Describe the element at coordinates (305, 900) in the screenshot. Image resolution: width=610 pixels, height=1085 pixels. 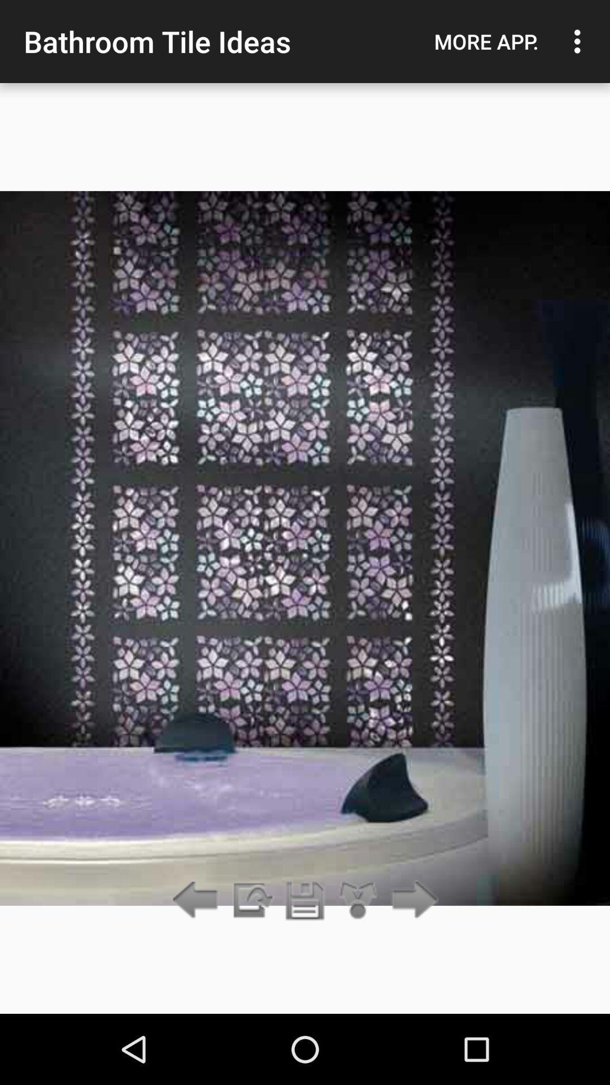
I see `the design` at that location.